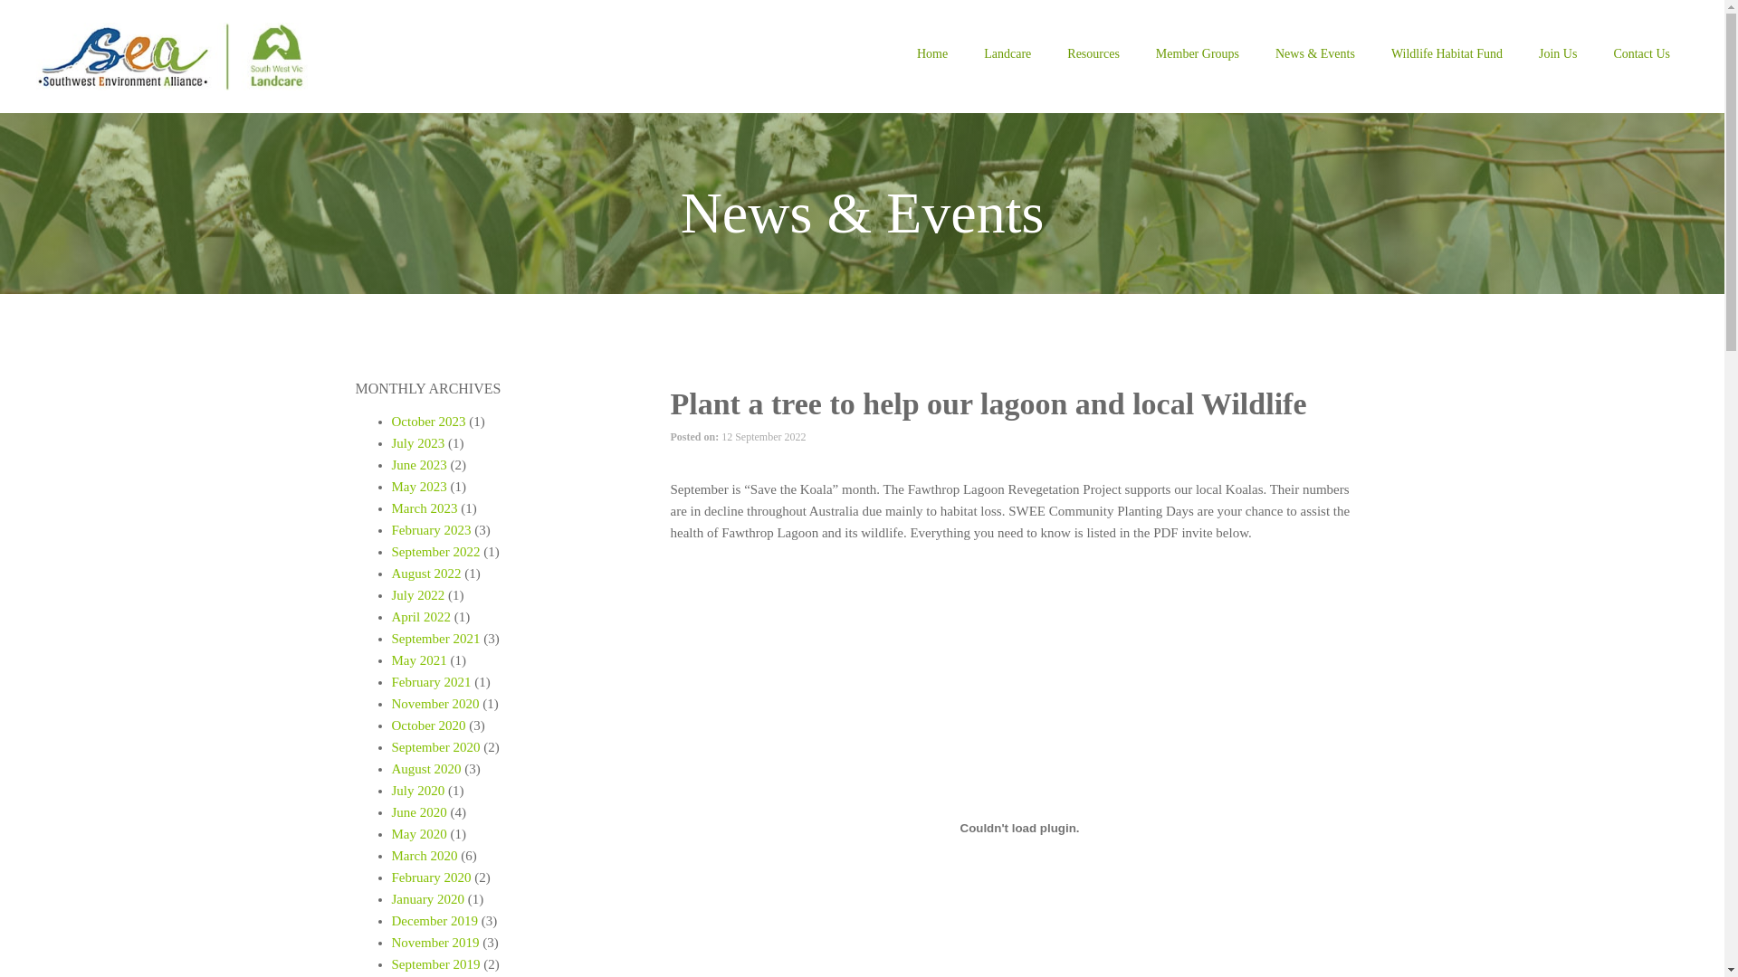 The height and width of the screenshot is (977, 1738). I want to click on 'February 2020', so click(429, 876).